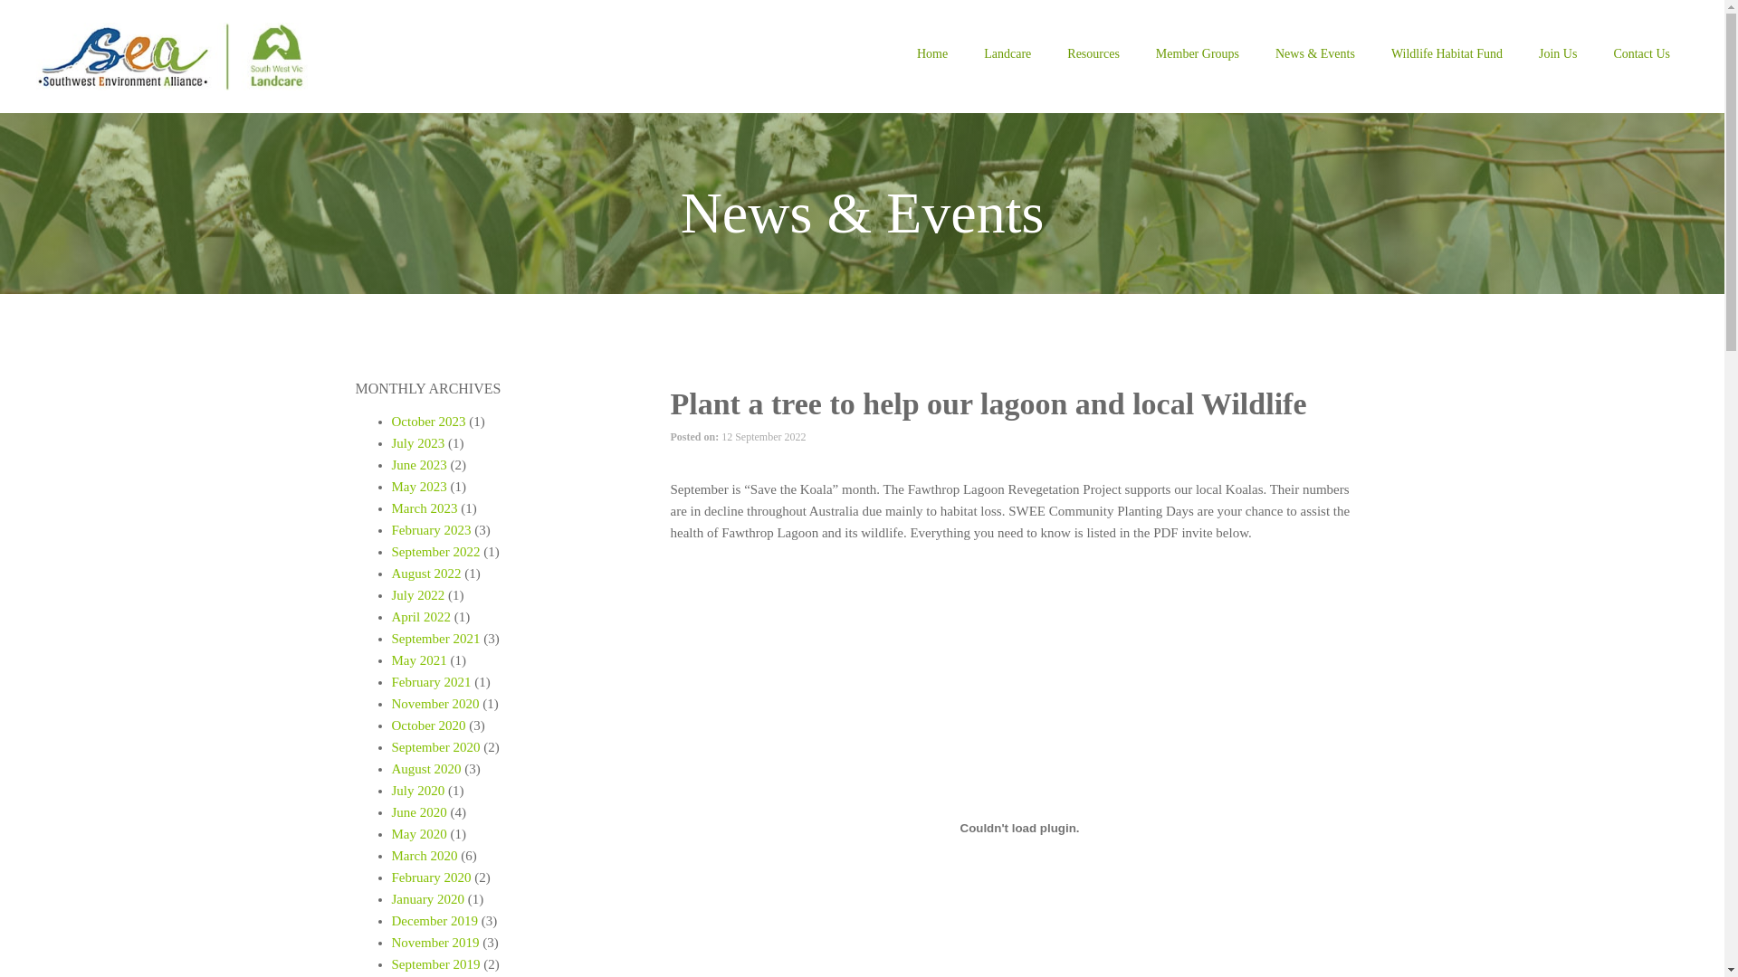 The height and width of the screenshot is (977, 1738). I want to click on 'February 2020', so click(429, 876).